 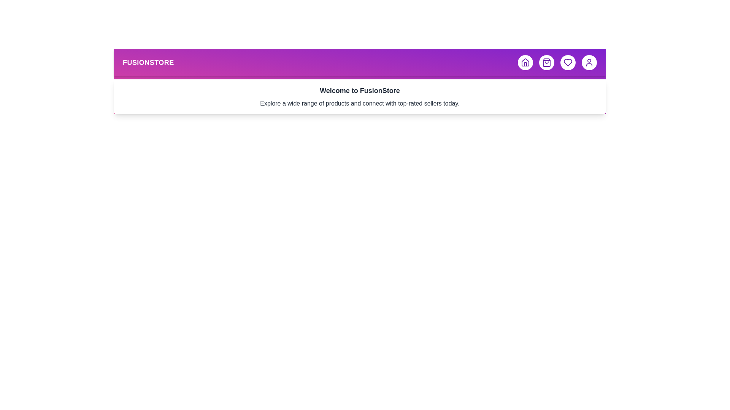 I want to click on the home button to toggle the menu, so click(x=525, y=62).